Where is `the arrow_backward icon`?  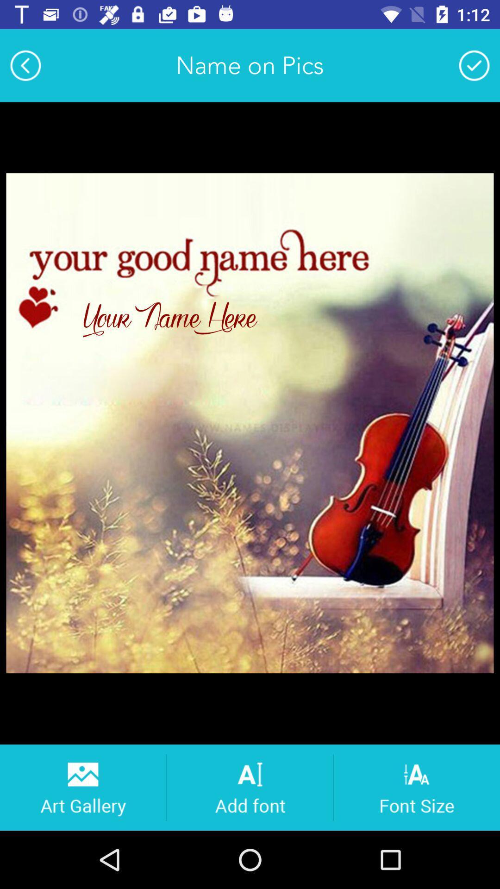 the arrow_backward icon is located at coordinates (25, 65).